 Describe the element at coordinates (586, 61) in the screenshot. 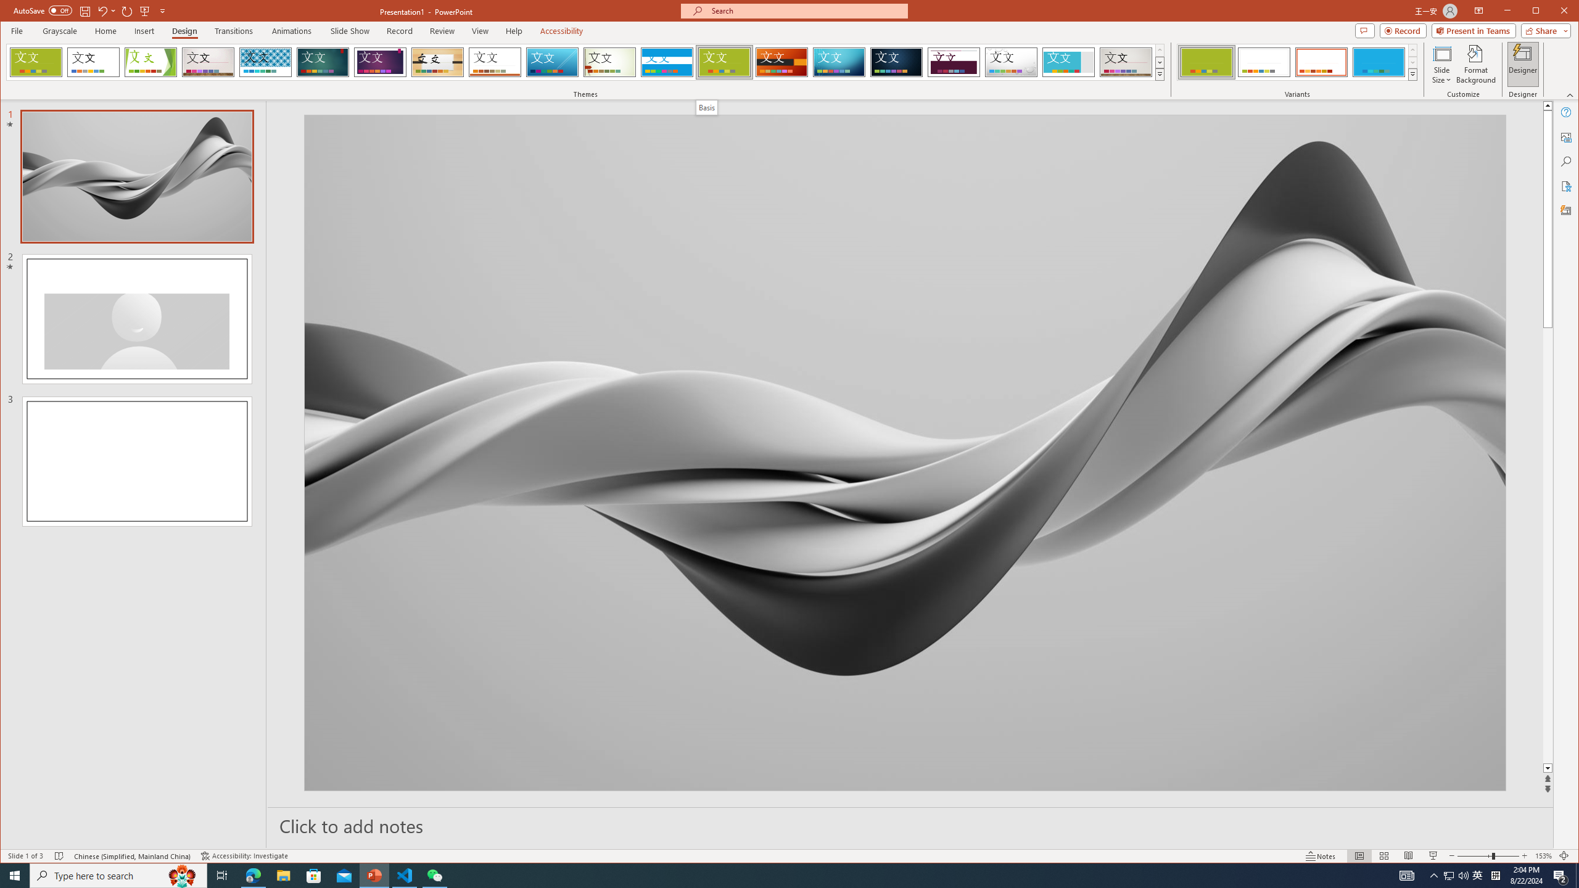

I see `'AutomationID: SlideThemesGallery'` at that location.